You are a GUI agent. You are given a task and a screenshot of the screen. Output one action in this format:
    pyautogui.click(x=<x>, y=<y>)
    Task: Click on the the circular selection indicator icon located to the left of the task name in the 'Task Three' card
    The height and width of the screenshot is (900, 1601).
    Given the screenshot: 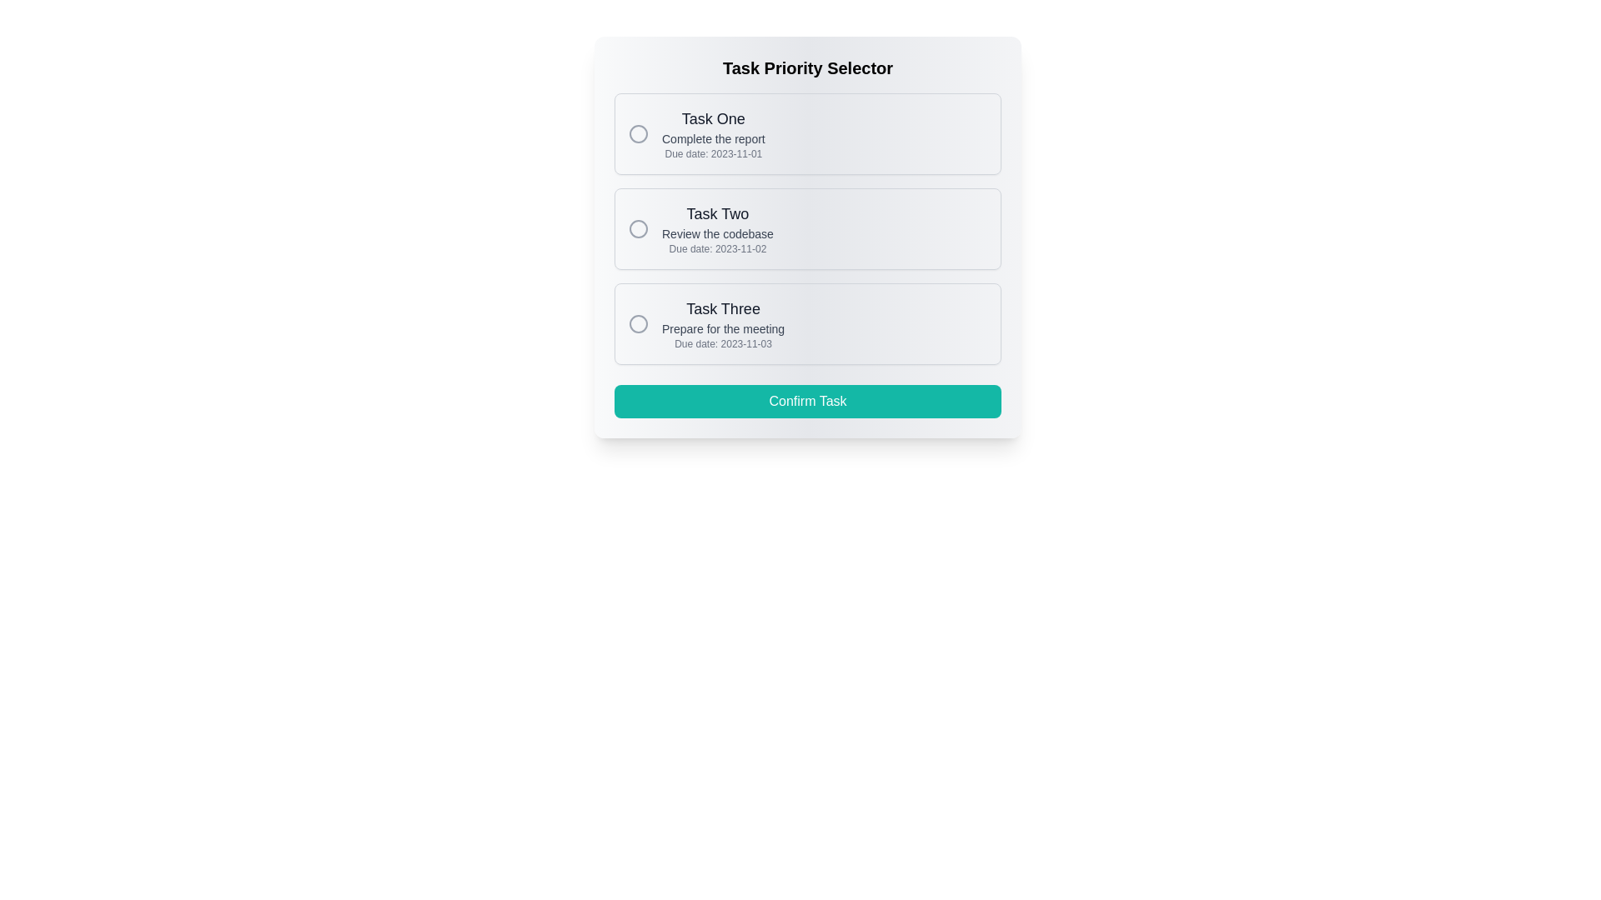 What is the action you would take?
    pyautogui.click(x=638, y=324)
    